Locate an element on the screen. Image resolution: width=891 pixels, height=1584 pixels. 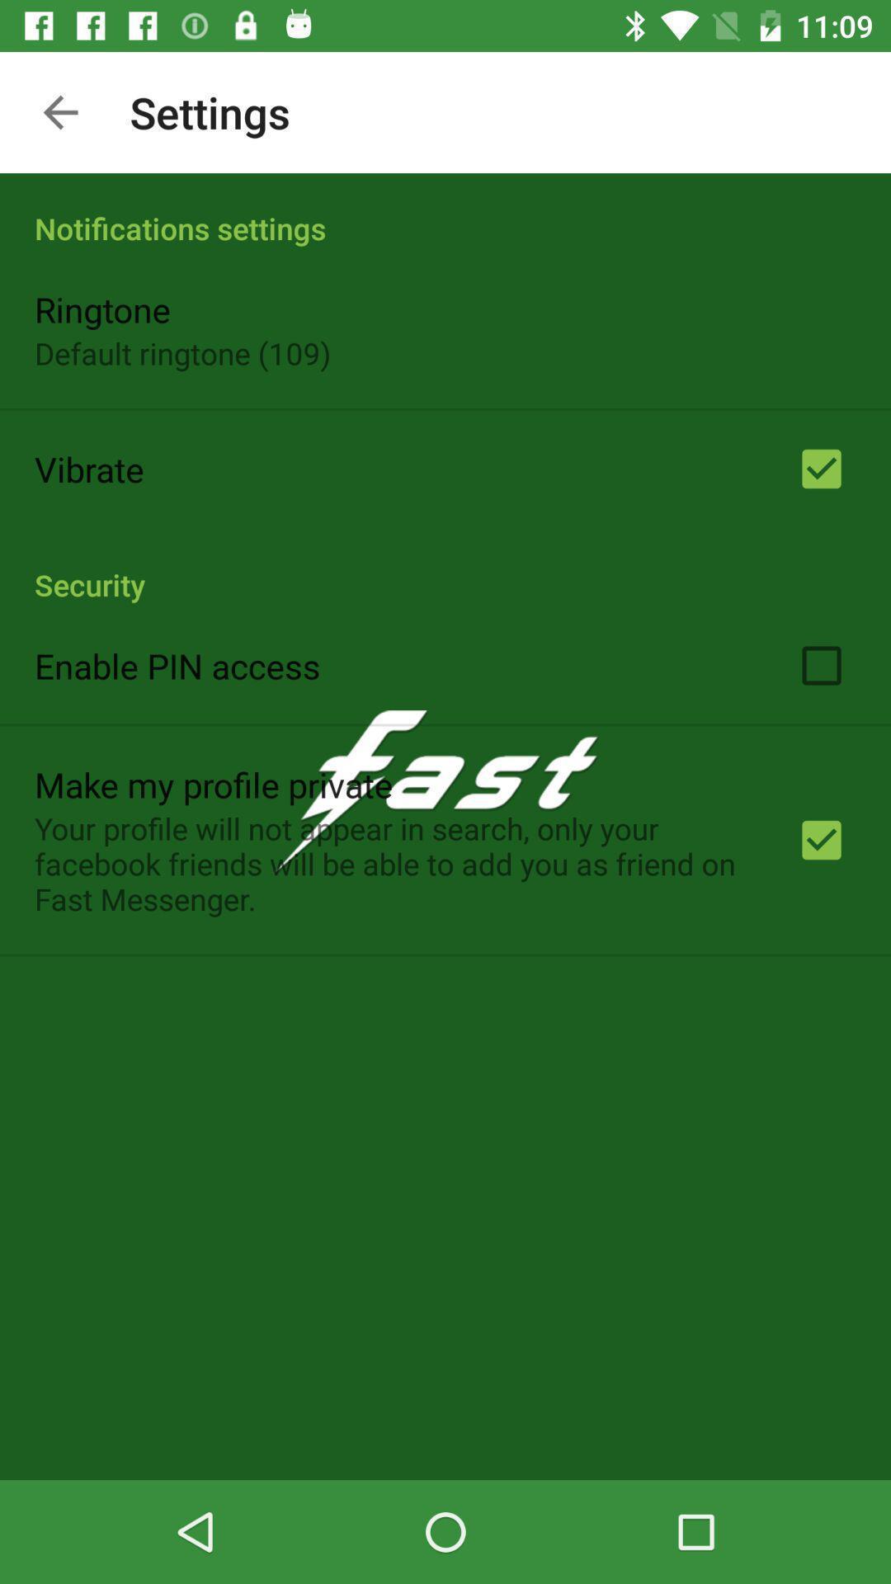
the icon above make my profile is located at coordinates (177, 665).